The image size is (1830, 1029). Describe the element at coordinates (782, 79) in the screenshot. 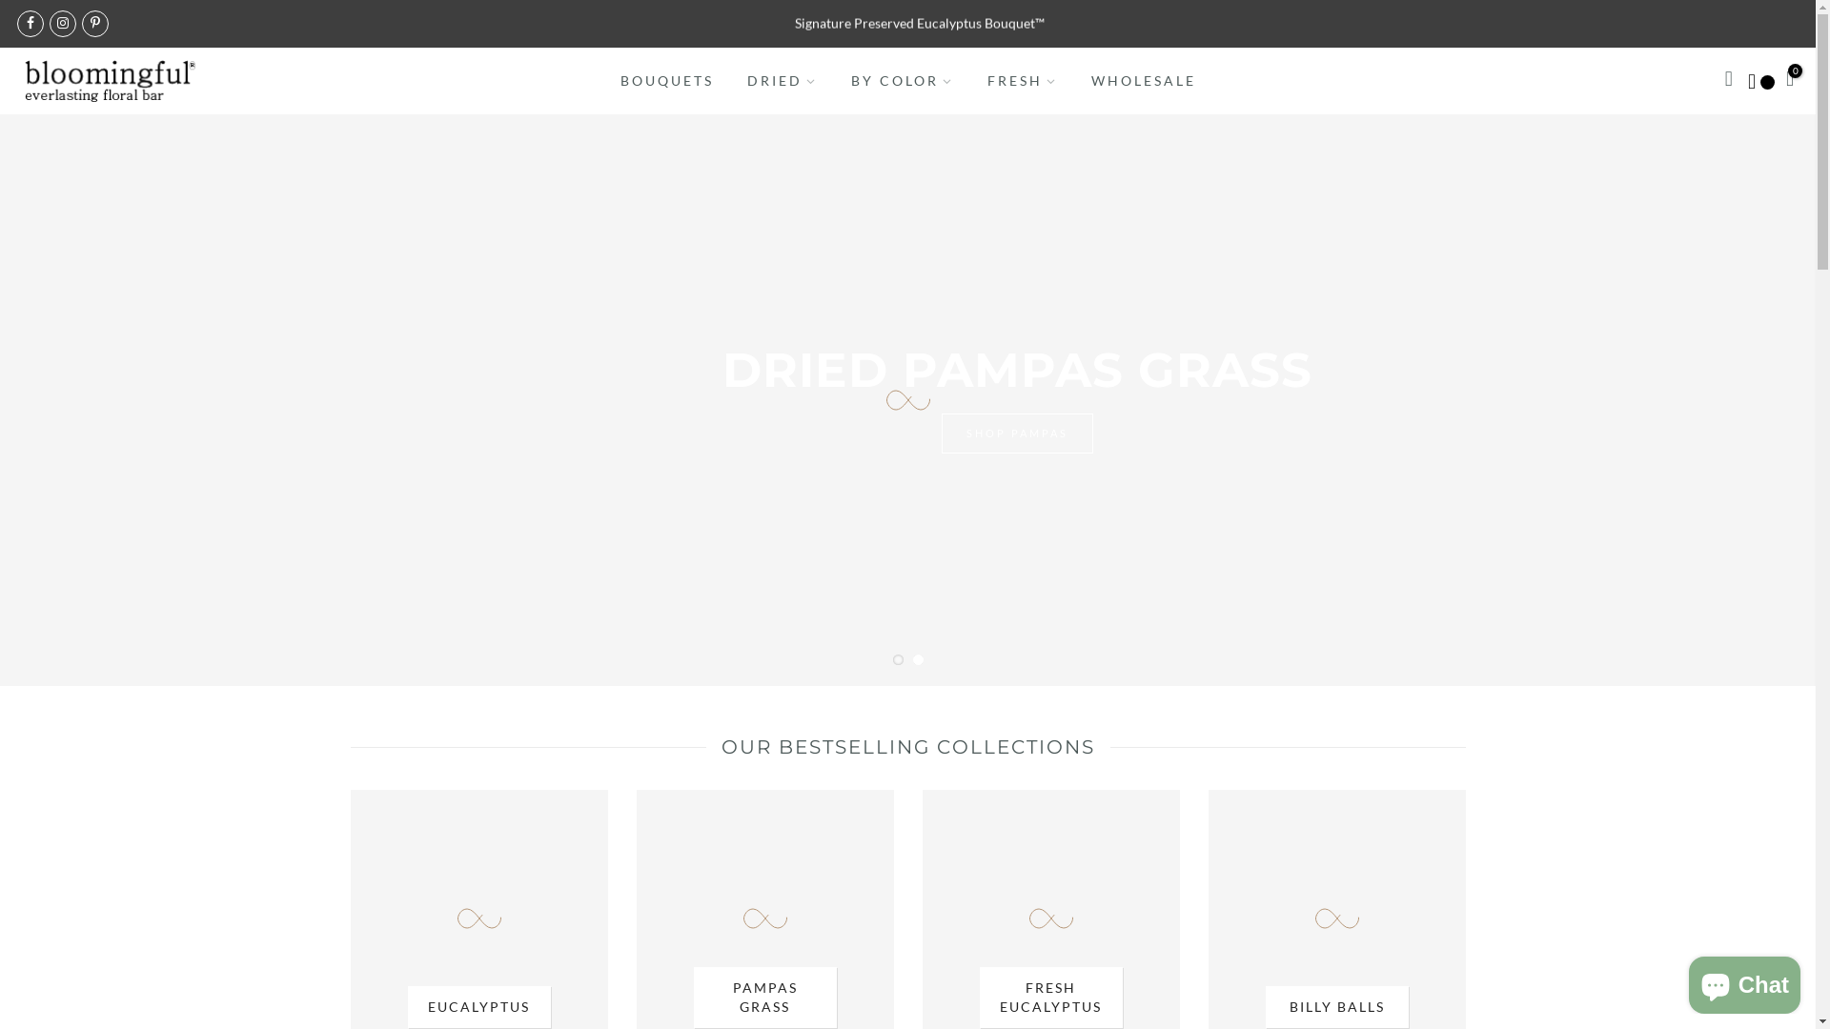

I see `'DRIED'` at that location.